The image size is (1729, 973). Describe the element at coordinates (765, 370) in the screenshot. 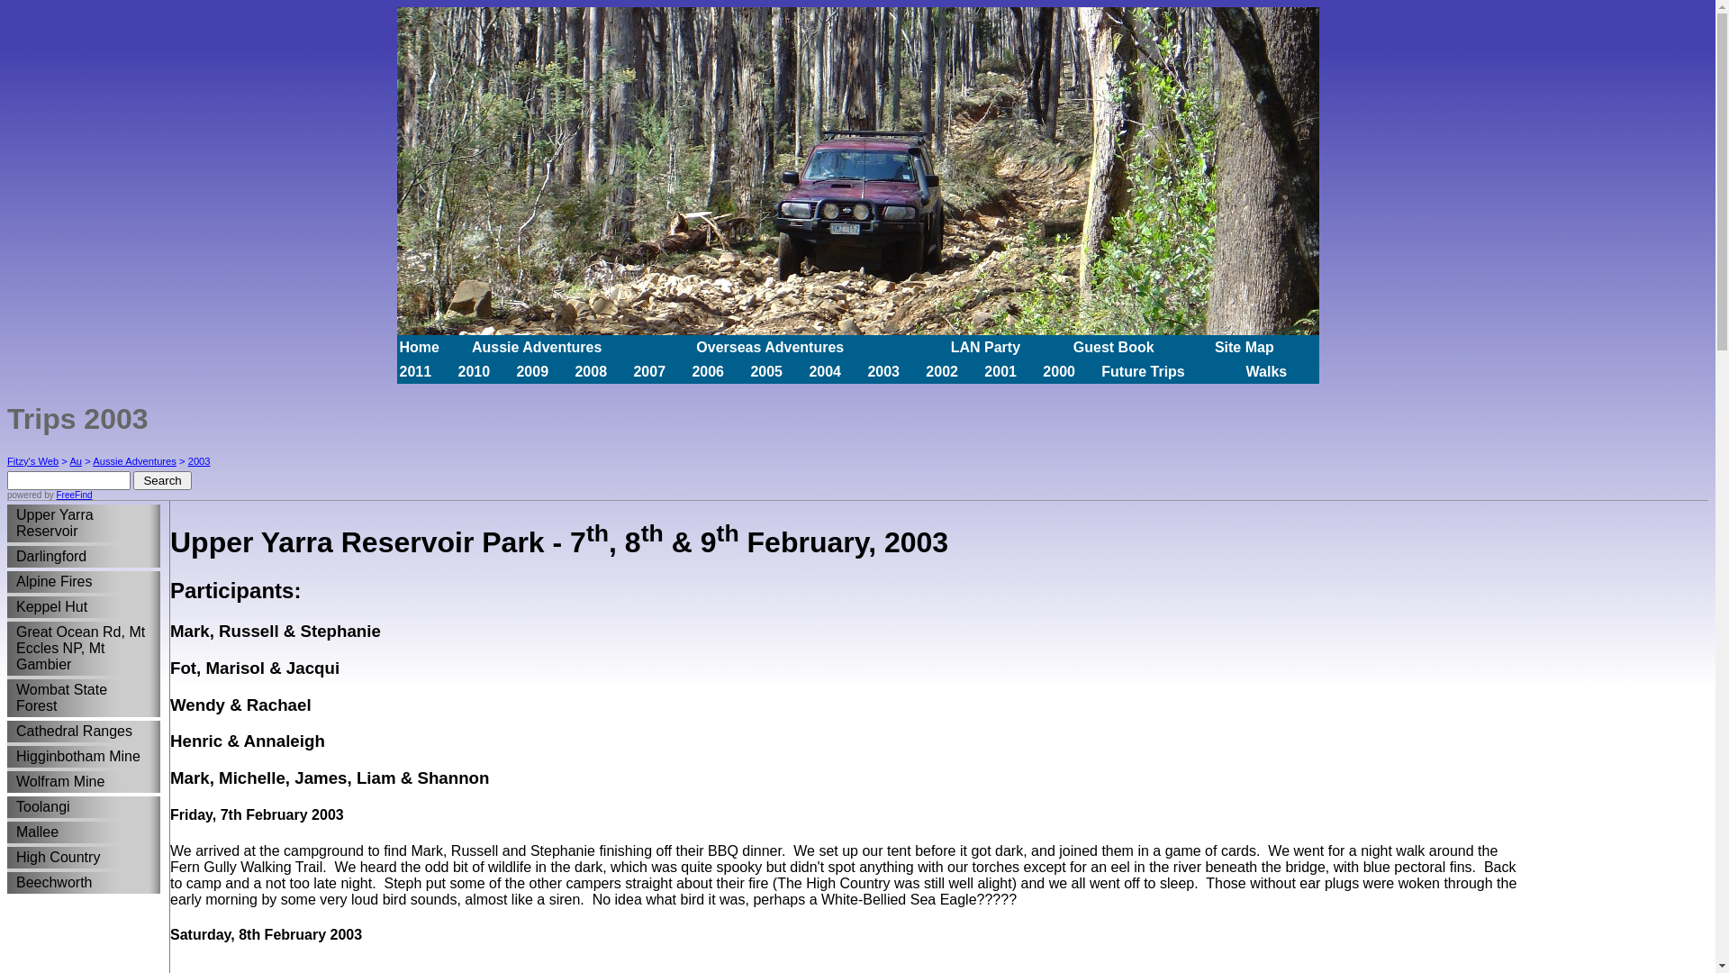

I see `'2005'` at that location.